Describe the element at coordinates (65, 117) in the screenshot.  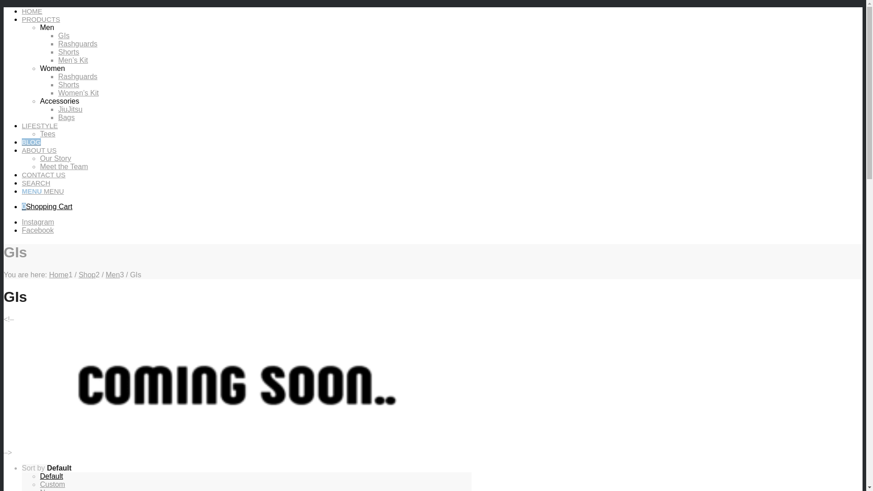
I see `'Bags'` at that location.